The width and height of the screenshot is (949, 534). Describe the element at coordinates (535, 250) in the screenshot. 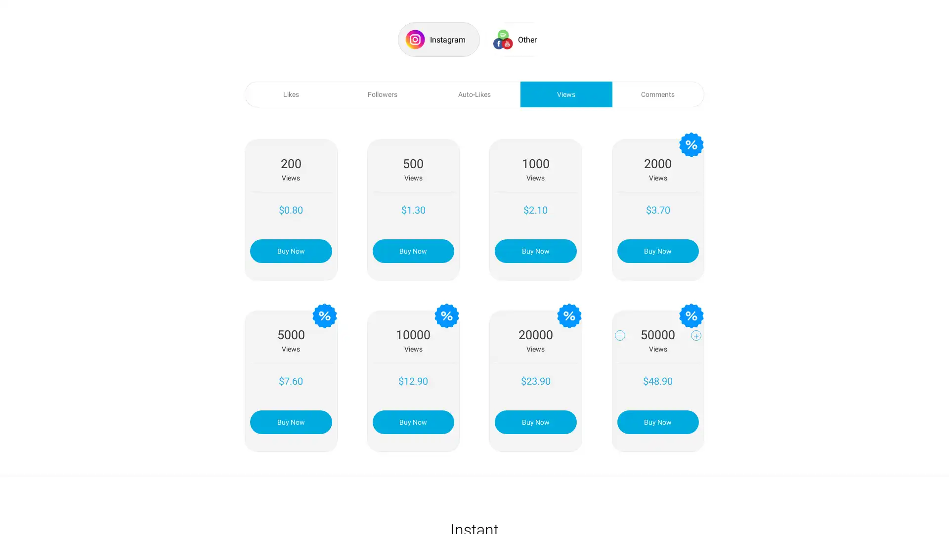

I see `Buy Now` at that location.